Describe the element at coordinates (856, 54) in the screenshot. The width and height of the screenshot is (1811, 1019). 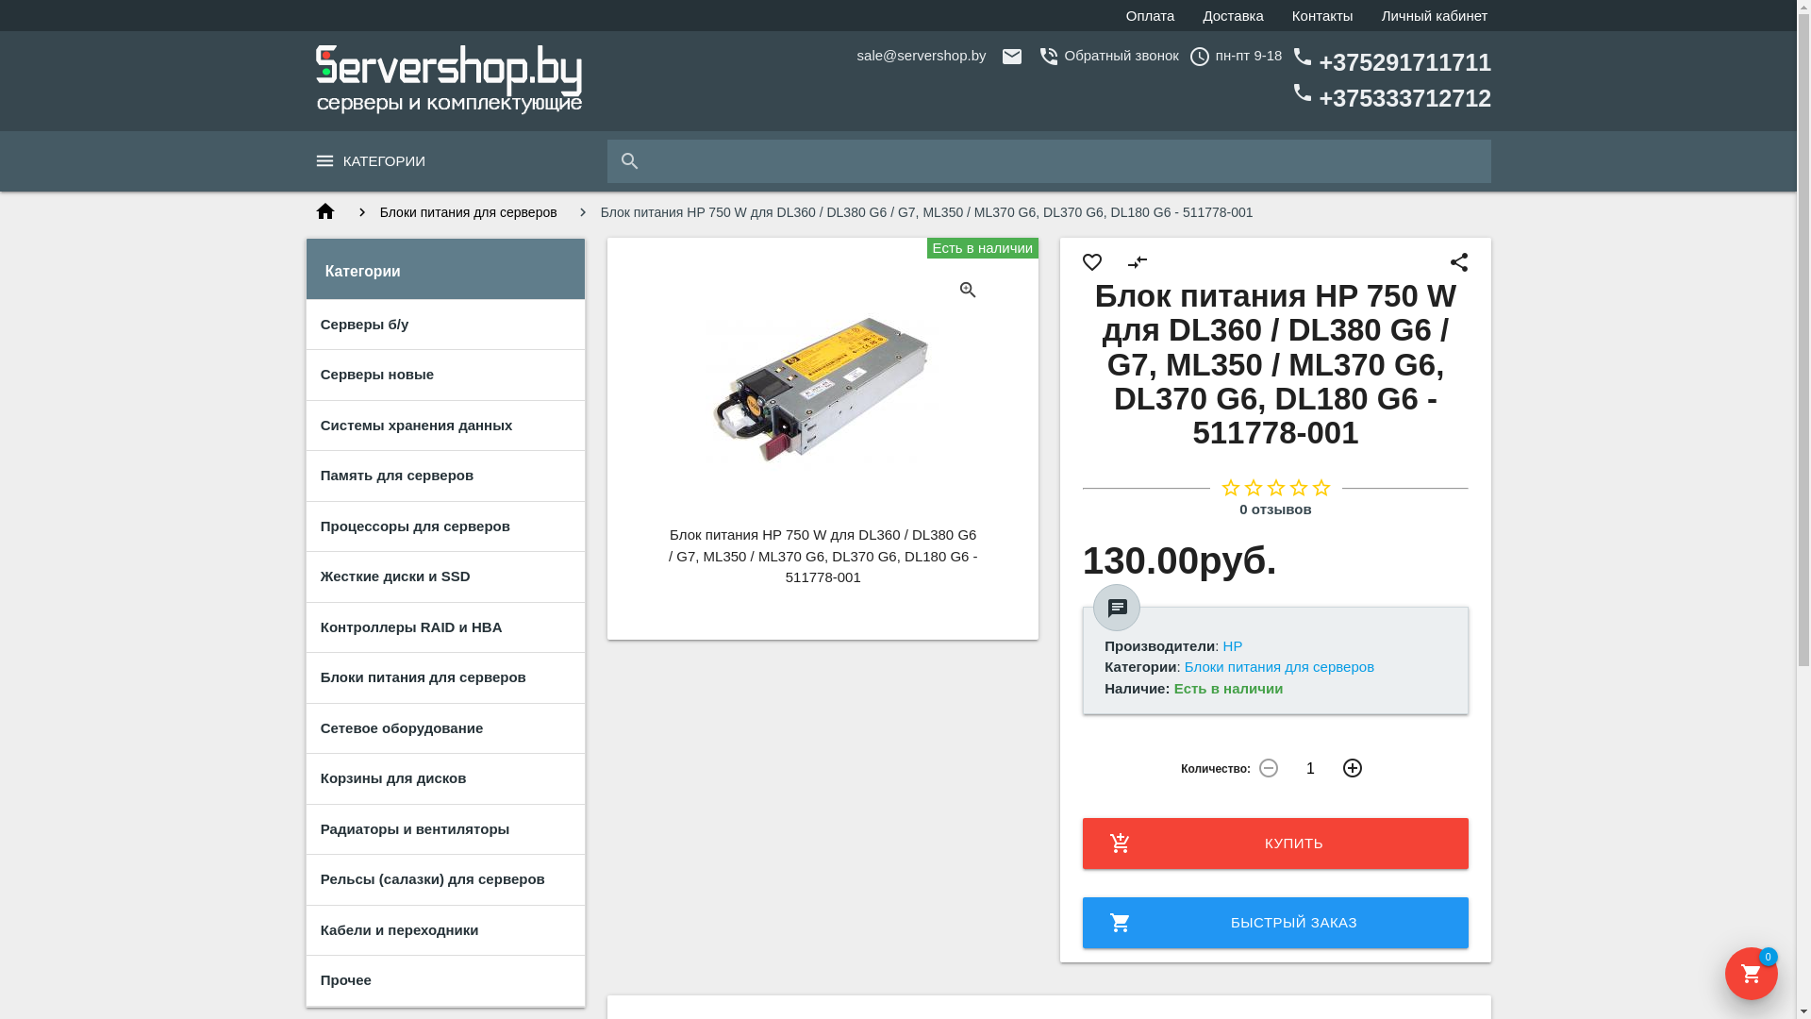
I see `'email` at that location.